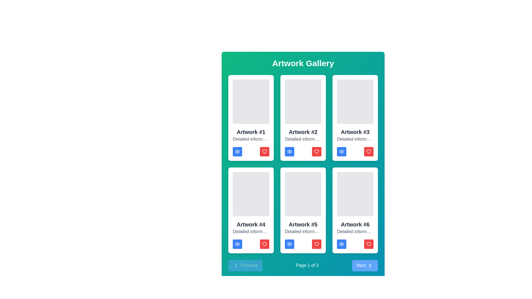 This screenshot has height=299, width=532. What do you see at coordinates (289, 151) in the screenshot?
I see `the eye-shaped icon button, which is a minimalistic line-art design located within a blue square button beneath the second artwork card` at bounding box center [289, 151].